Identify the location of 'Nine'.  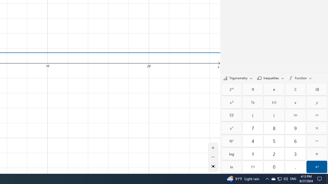
(295, 128).